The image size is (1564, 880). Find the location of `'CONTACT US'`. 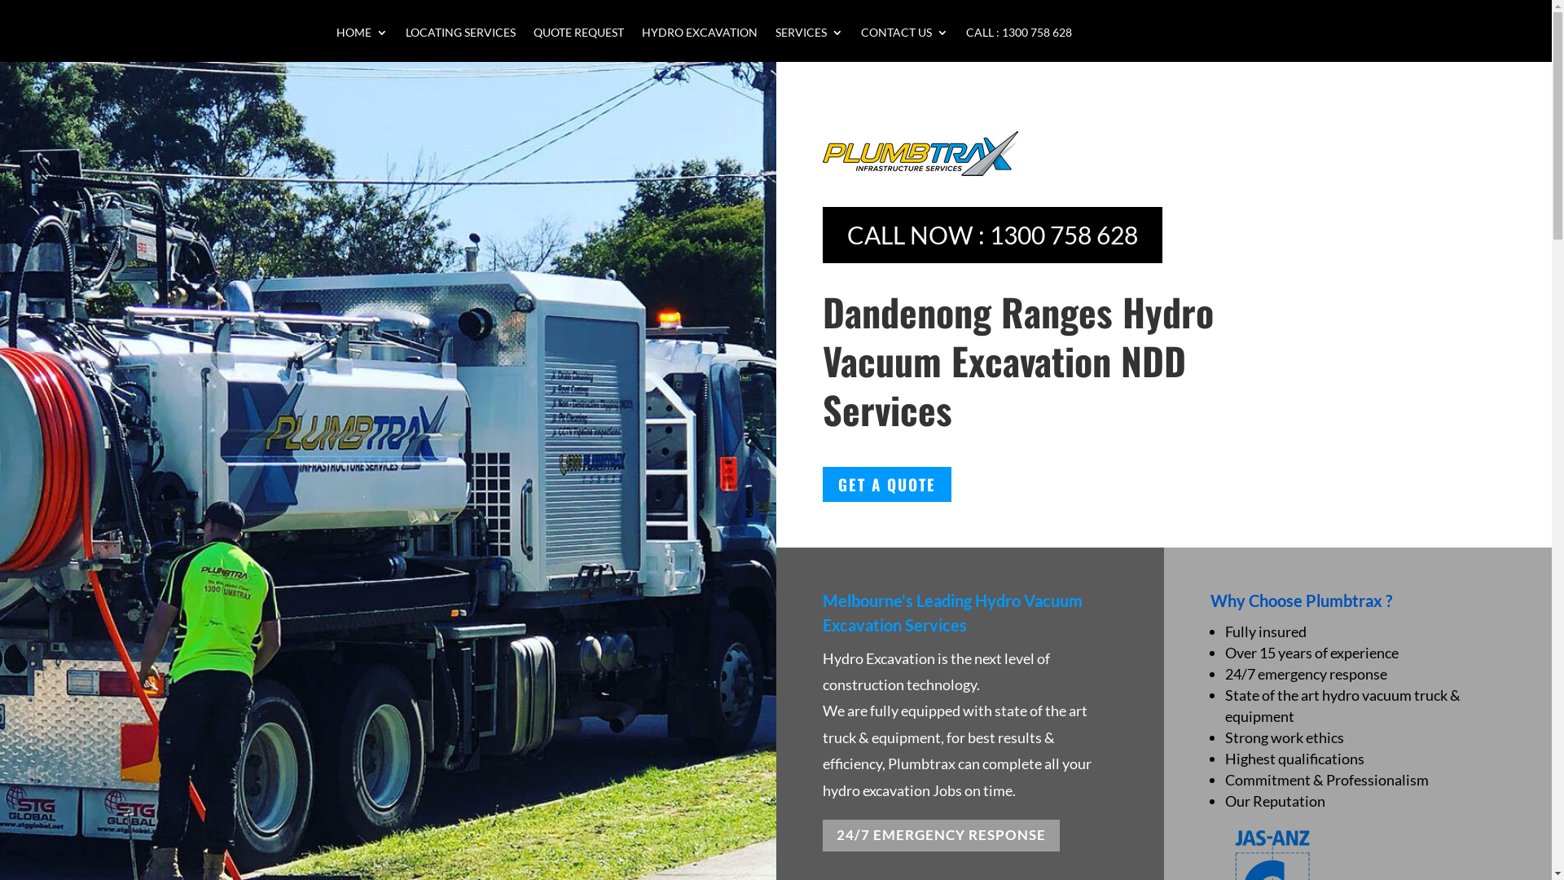

'CONTACT US' is located at coordinates (859, 43).